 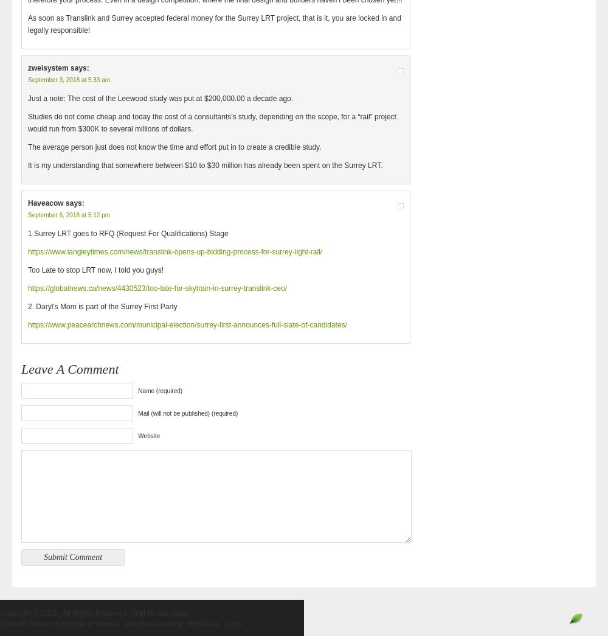 I want to click on 'Log in', so click(x=233, y=624).